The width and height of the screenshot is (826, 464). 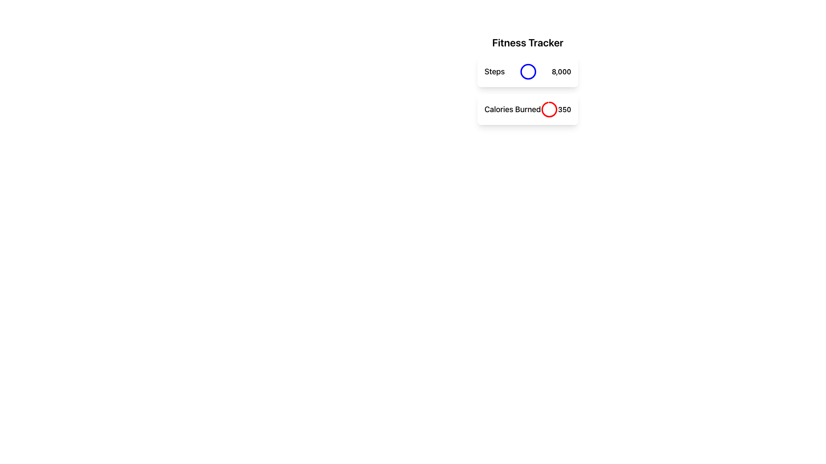 What do you see at coordinates (527, 109) in the screenshot?
I see `the Information Card that displays the number of calories burned by the user, located below the 'Steps' card in the right-center region of the interface` at bounding box center [527, 109].